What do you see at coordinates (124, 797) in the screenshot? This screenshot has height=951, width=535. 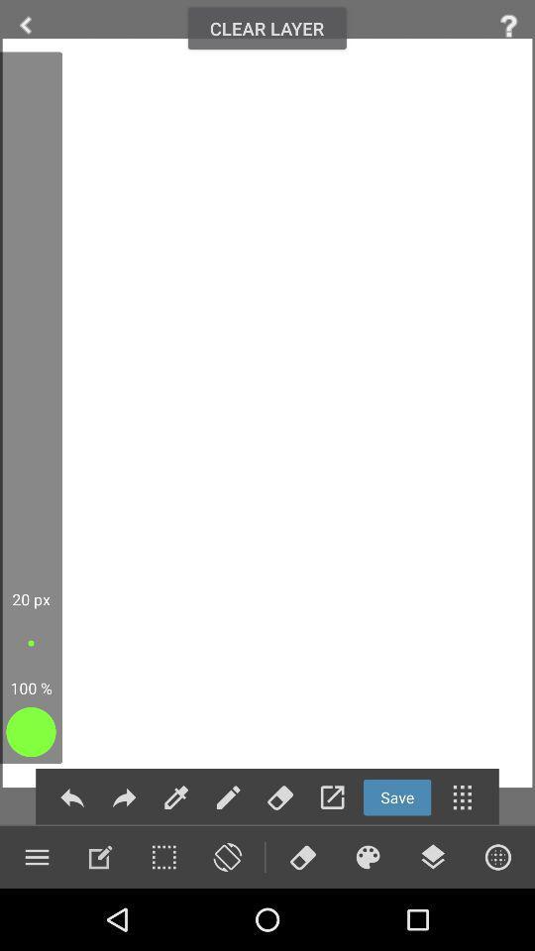 I see `skip to the next` at bounding box center [124, 797].